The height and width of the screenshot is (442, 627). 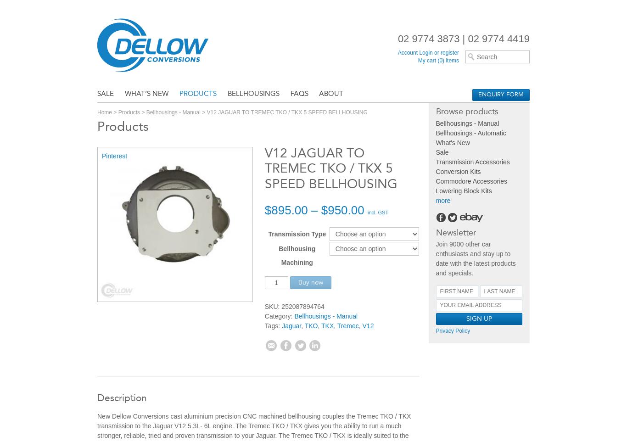 What do you see at coordinates (470, 180) in the screenshot?
I see `'Commodore Accessories'` at bounding box center [470, 180].